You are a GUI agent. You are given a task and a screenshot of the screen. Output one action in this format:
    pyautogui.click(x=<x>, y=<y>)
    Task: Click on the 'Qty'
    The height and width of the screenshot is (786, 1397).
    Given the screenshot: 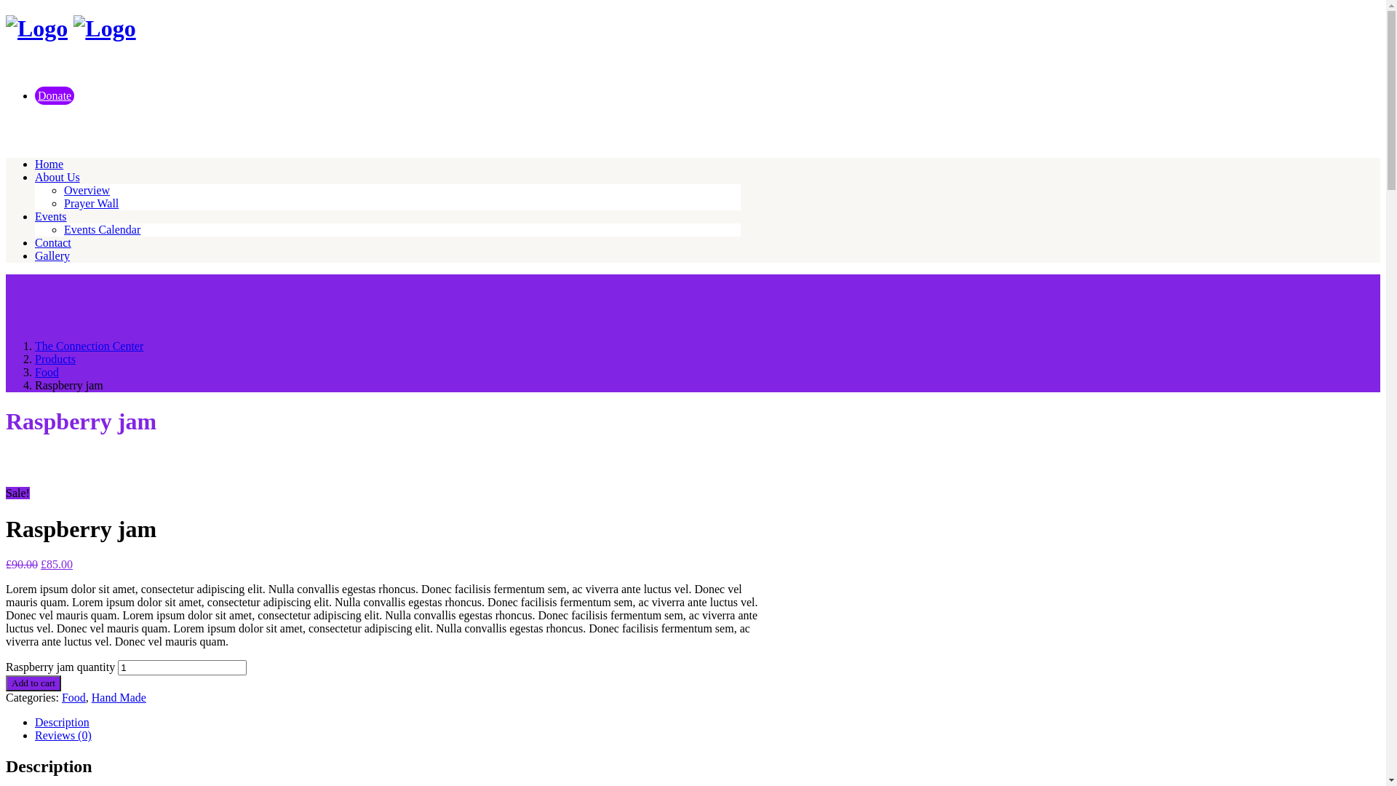 What is the action you would take?
    pyautogui.click(x=118, y=667)
    